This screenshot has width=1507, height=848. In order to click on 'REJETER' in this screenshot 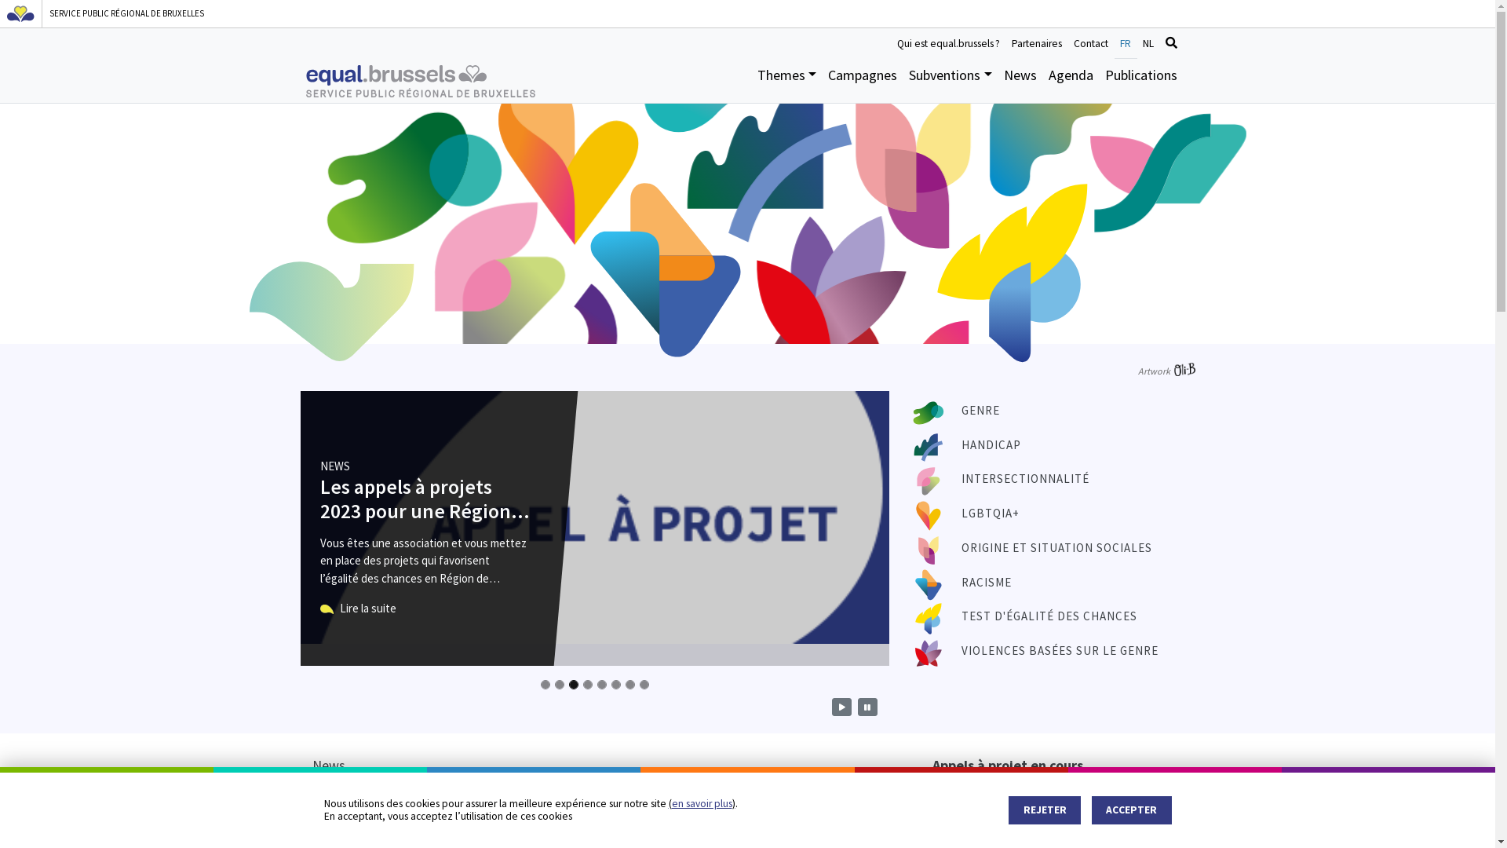, I will do `click(1044, 810)`.